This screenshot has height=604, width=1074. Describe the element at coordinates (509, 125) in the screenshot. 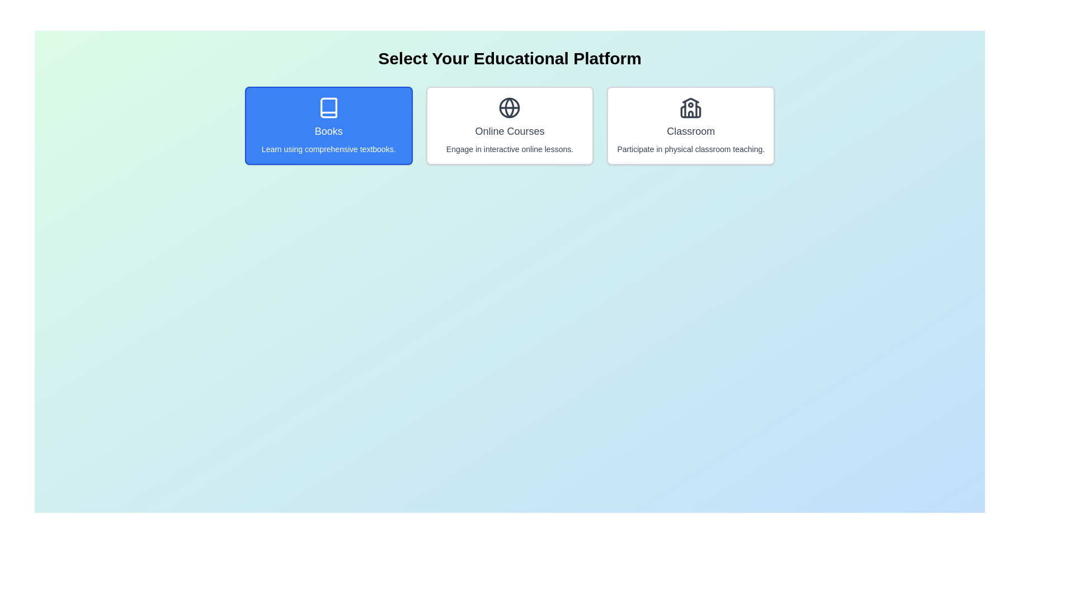

I see `the button corresponding to Online Courses to select the educational platform` at that location.